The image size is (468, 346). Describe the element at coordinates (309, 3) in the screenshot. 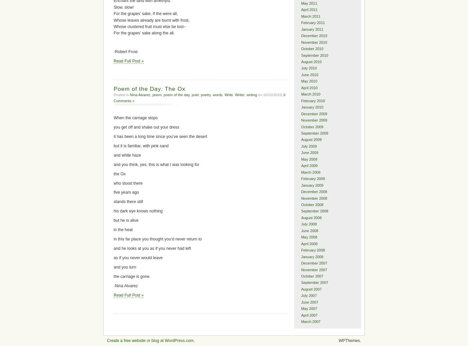

I see `'May 2011'` at that location.